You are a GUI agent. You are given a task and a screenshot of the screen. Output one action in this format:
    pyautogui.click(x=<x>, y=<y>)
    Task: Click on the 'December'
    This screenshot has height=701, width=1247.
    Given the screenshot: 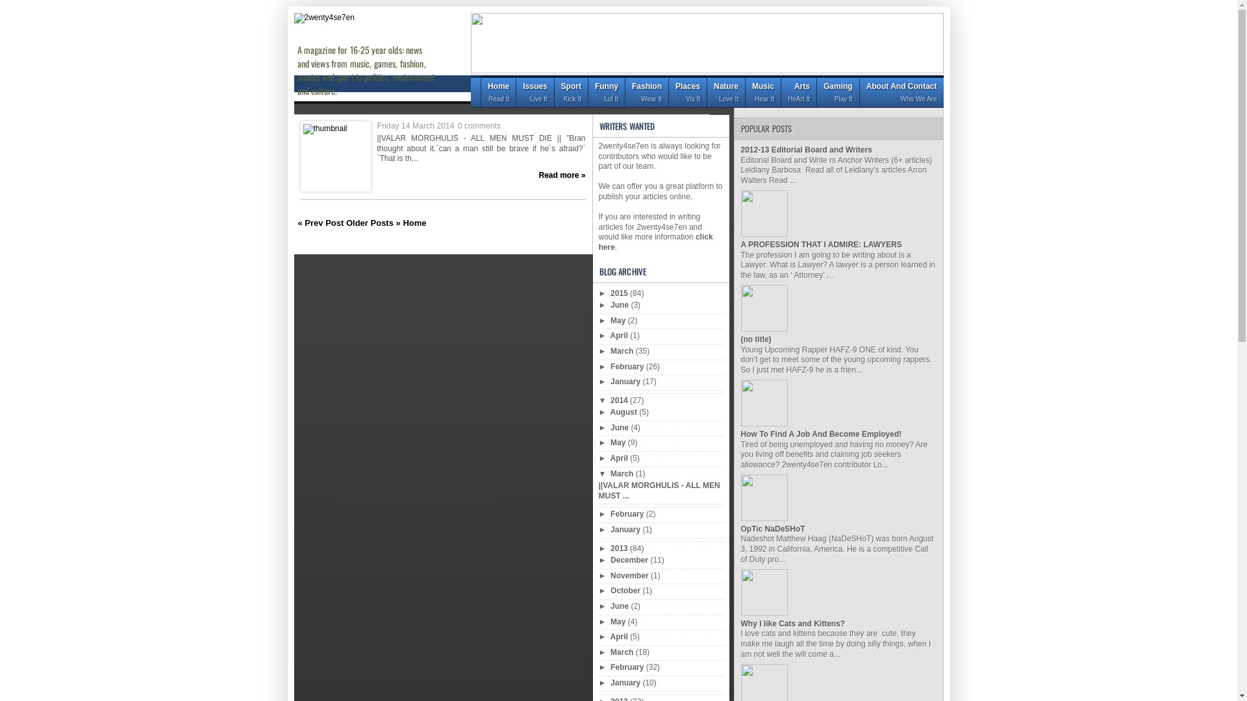 What is the action you would take?
    pyautogui.click(x=630, y=560)
    